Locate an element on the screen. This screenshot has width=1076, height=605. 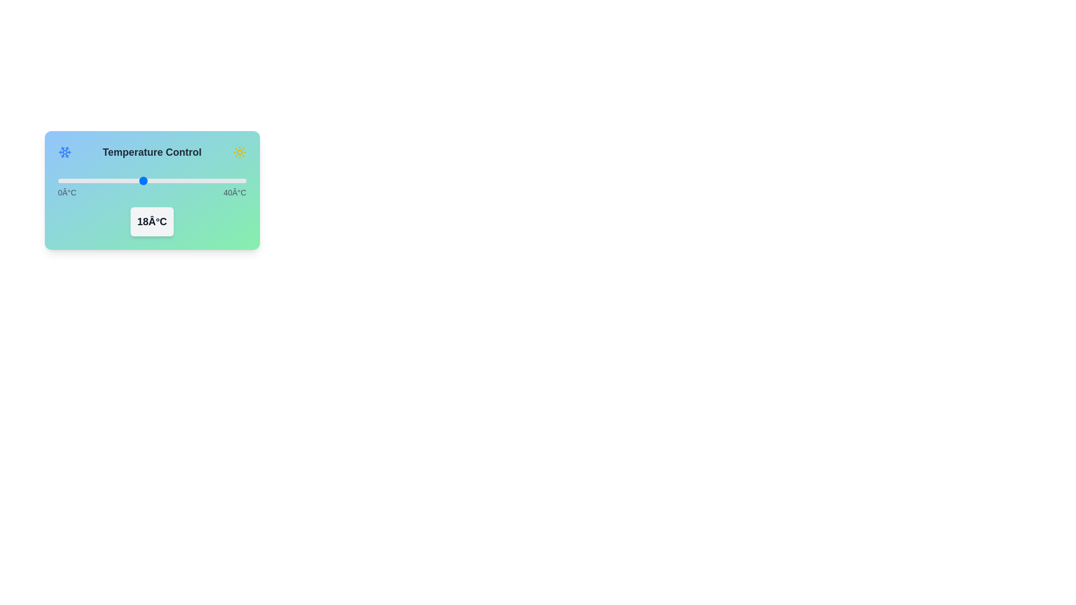
the temperature slider to 23°C to inspect the theme indicator is located at coordinates (165, 180).